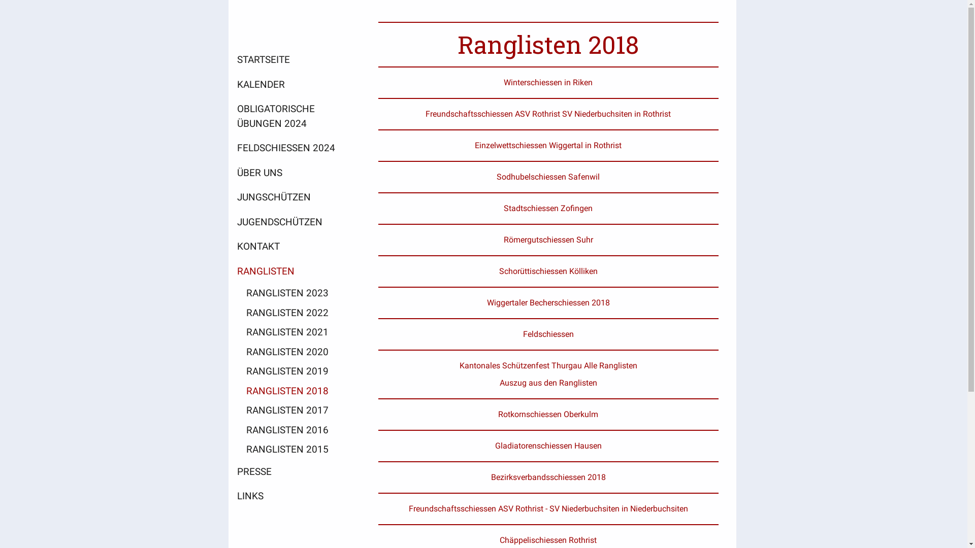  Describe the element at coordinates (474, 145) in the screenshot. I see `'Einzelwettschiessen Wiggertal in Rothrist'` at that location.